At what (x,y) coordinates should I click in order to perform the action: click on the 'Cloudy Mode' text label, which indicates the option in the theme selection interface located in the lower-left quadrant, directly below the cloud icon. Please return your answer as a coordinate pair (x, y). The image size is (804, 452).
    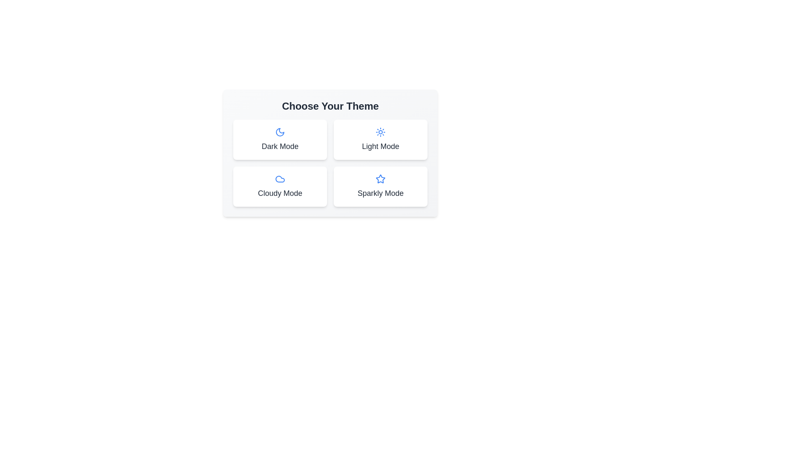
    Looking at the image, I should click on (280, 193).